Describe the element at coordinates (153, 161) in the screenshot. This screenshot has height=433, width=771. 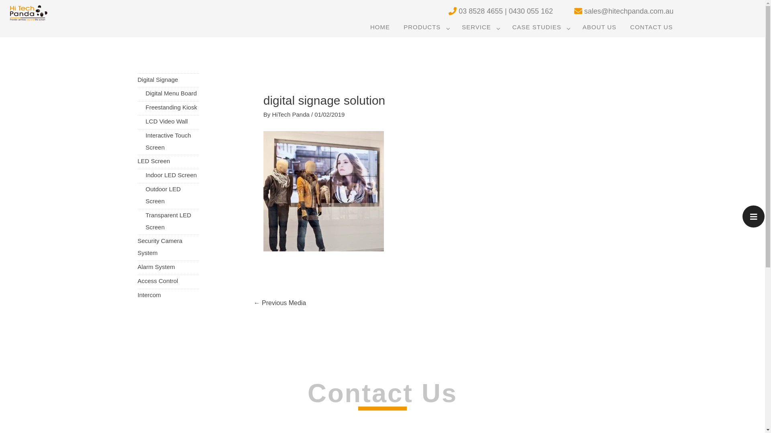
I see `'LED Screen'` at that location.